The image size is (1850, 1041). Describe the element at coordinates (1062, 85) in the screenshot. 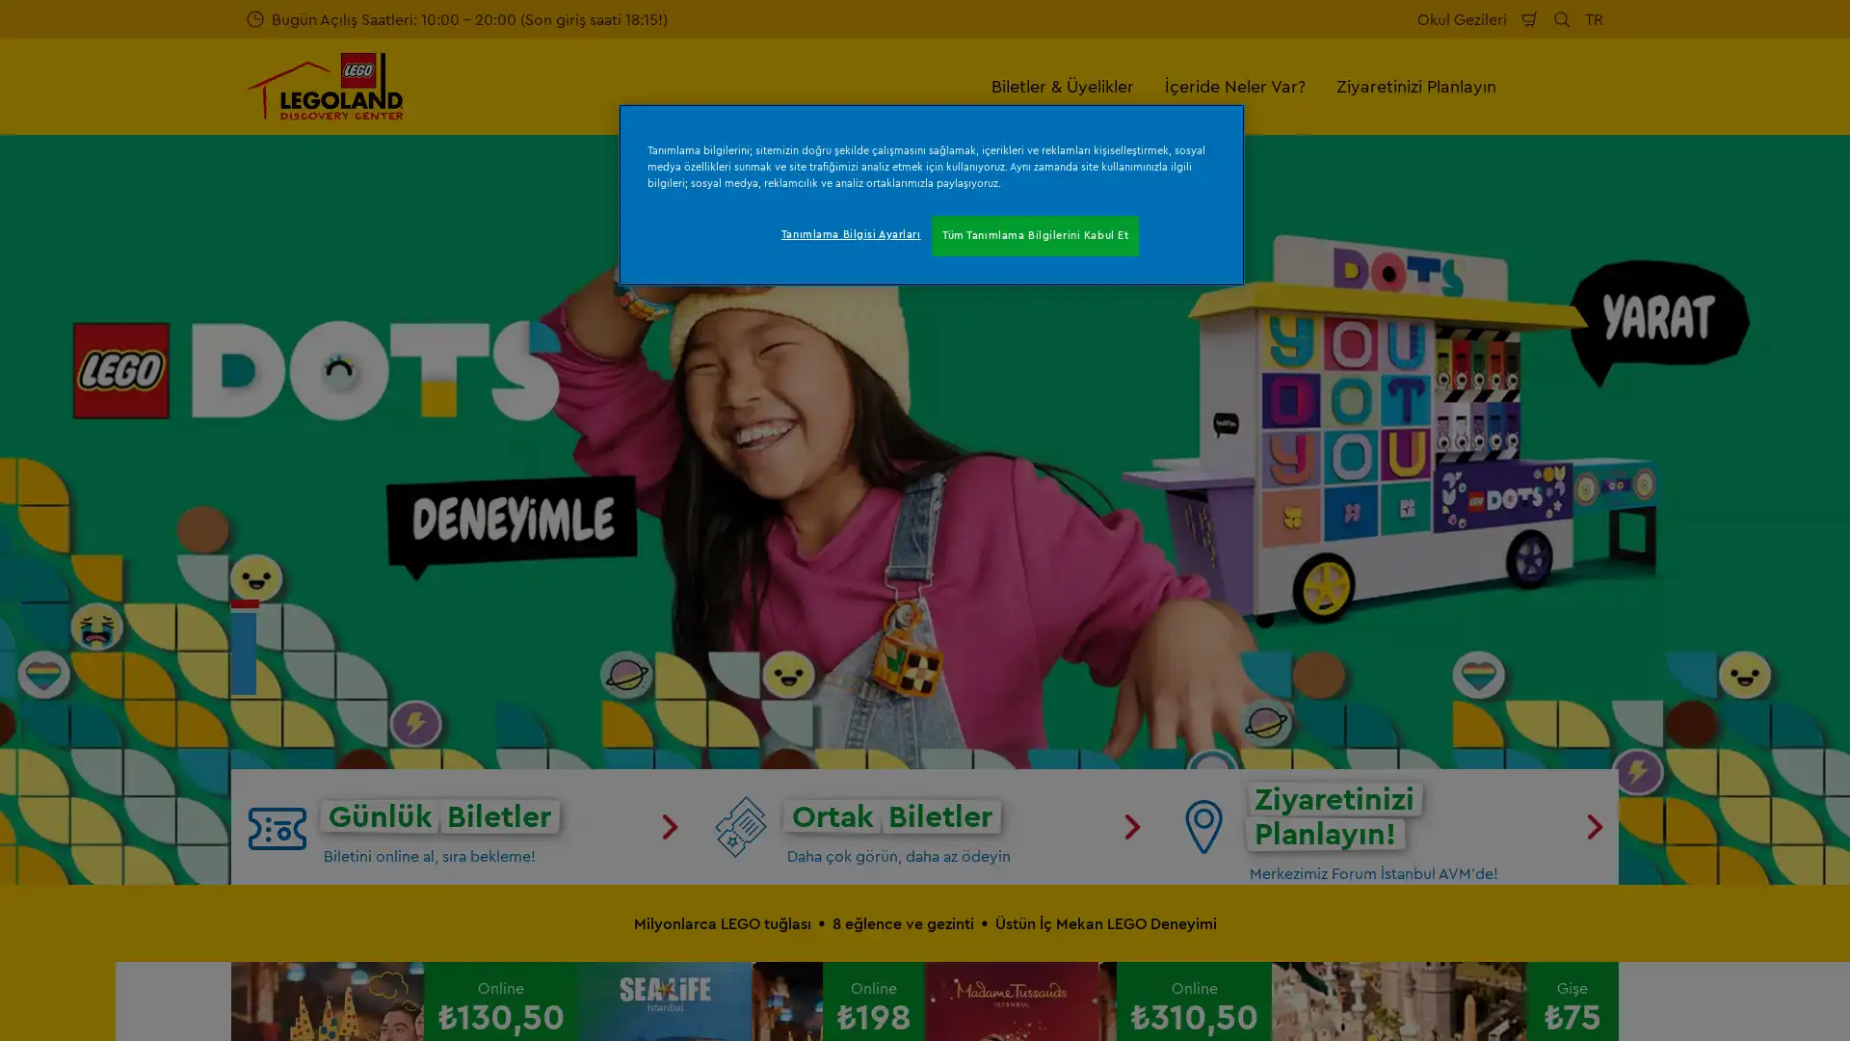

I see `Biletler & Uyelikler` at that location.